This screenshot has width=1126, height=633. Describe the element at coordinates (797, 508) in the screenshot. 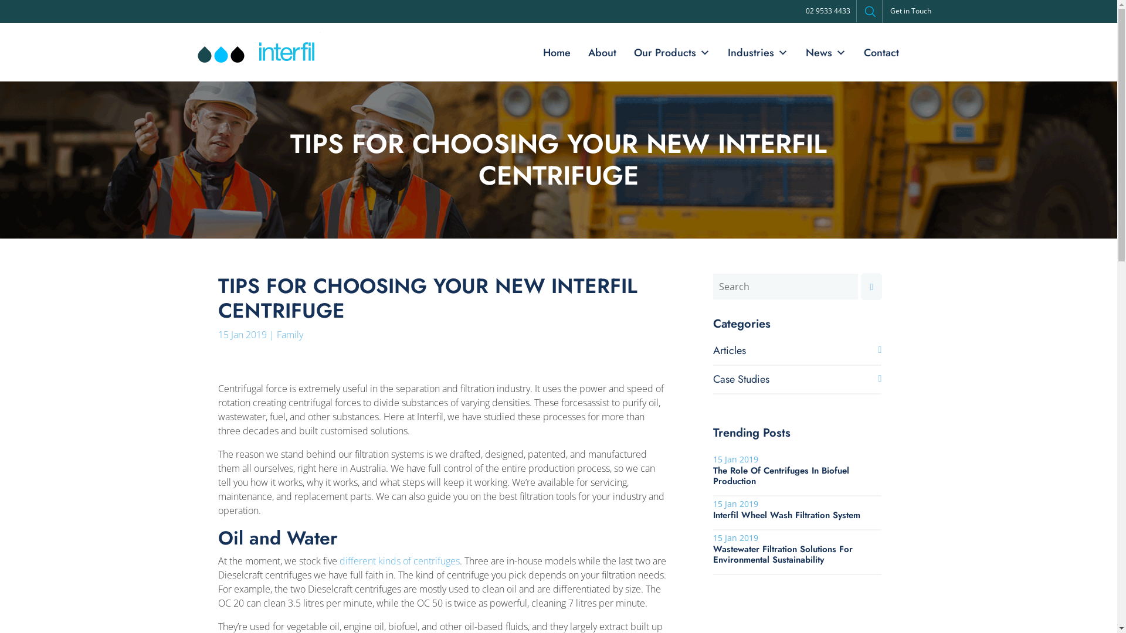

I see `'15 Jan 2019` at that location.